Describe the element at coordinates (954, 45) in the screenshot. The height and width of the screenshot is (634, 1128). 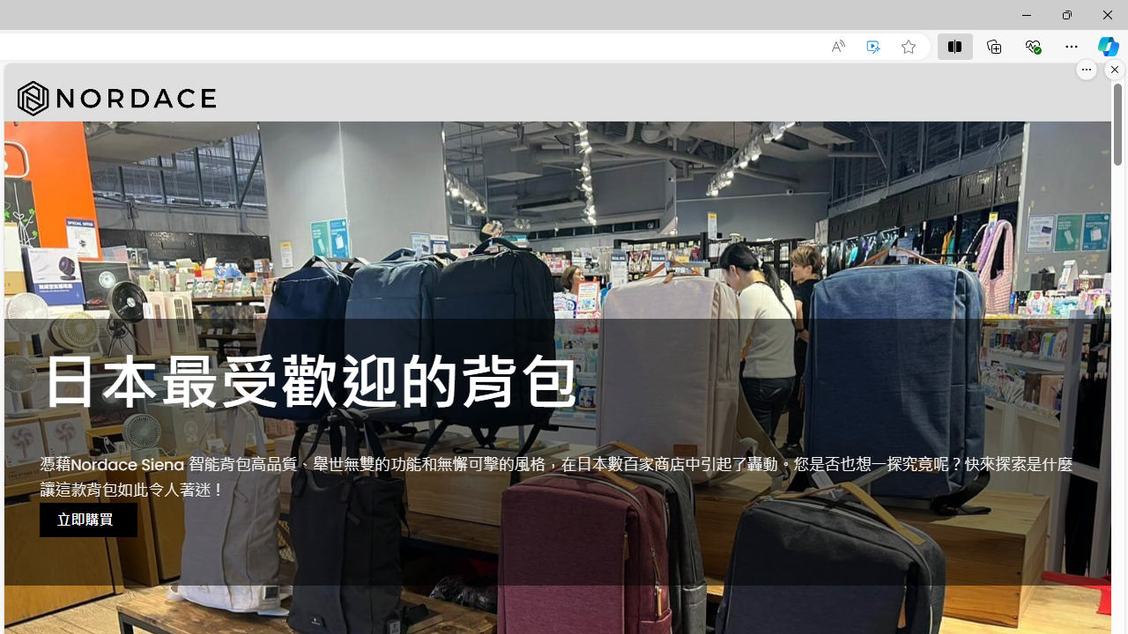
I see `'Split screen'` at that location.